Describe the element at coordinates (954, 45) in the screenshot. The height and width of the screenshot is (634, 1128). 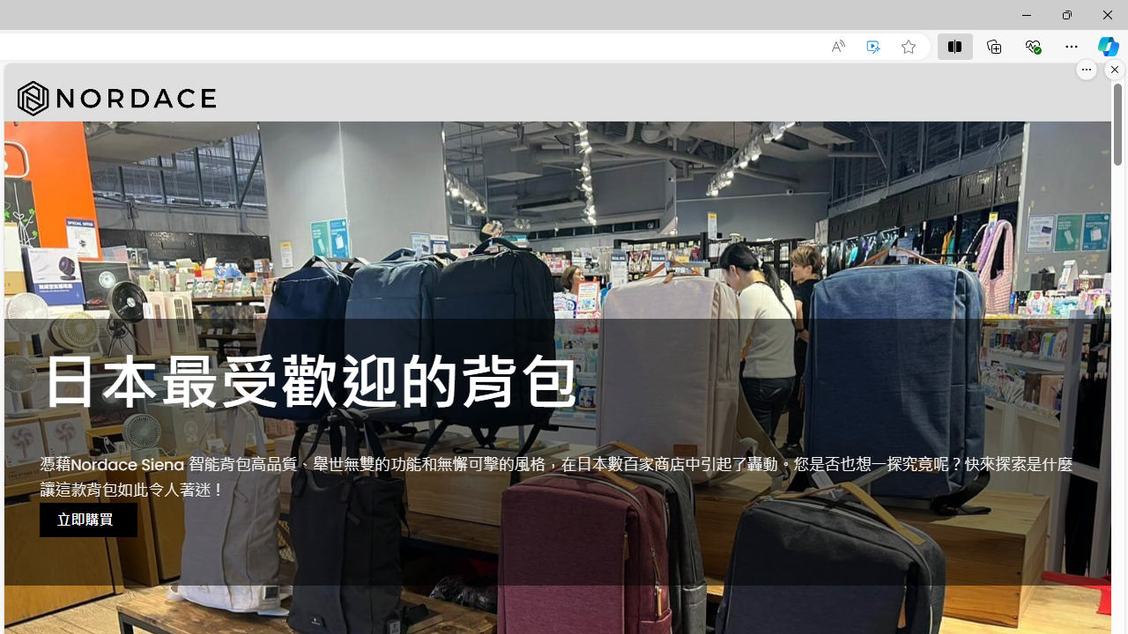
I see `'Split screen'` at that location.